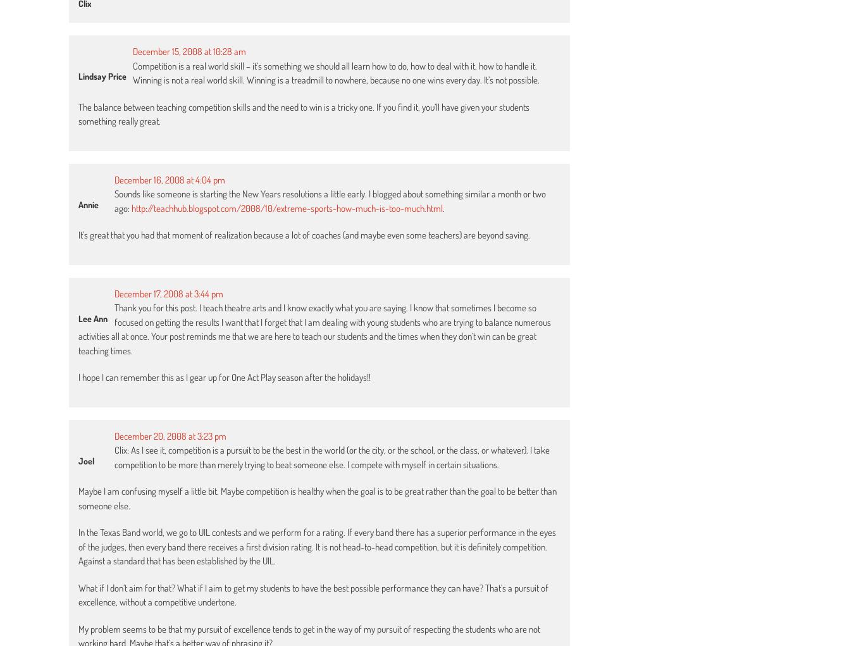 This screenshot has height=646, width=854. What do you see at coordinates (168, 293) in the screenshot?
I see `'December 17, 2008 at 3:44 pm'` at bounding box center [168, 293].